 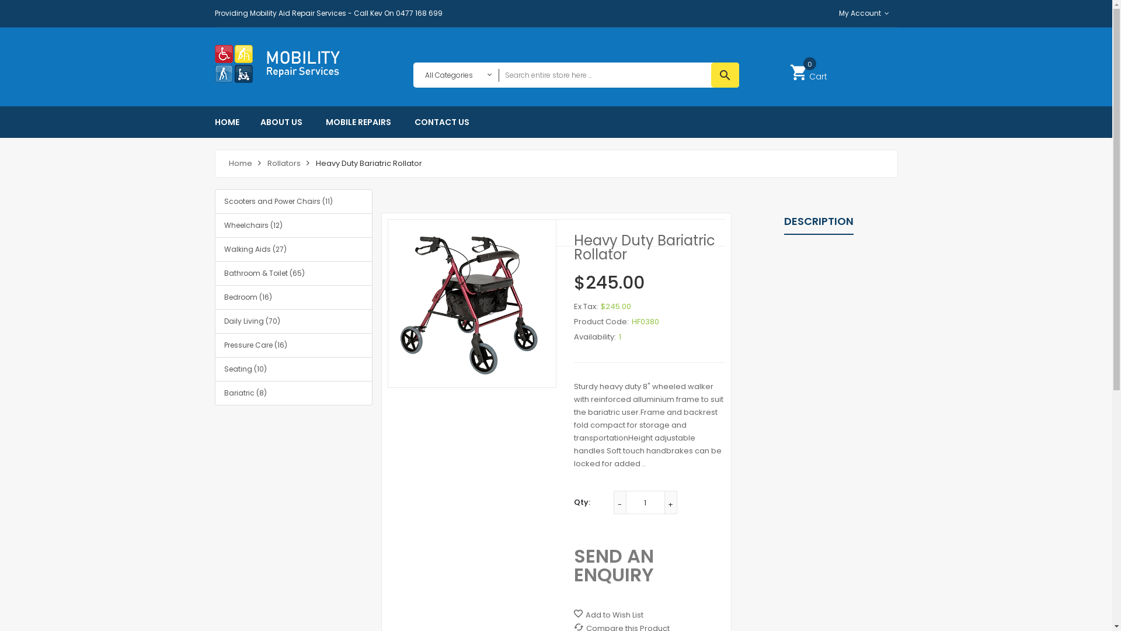 I want to click on 'HOME', so click(x=232, y=122).